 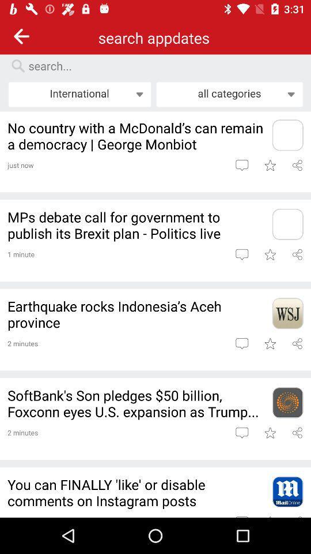 I want to click on the article, so click(x=270, y=164).